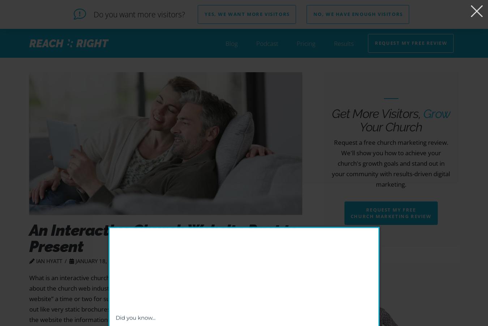 This screenshot has width=488, height=326. I want to click on 'An Interactive Church Website Past to Present', so click(163, 238).